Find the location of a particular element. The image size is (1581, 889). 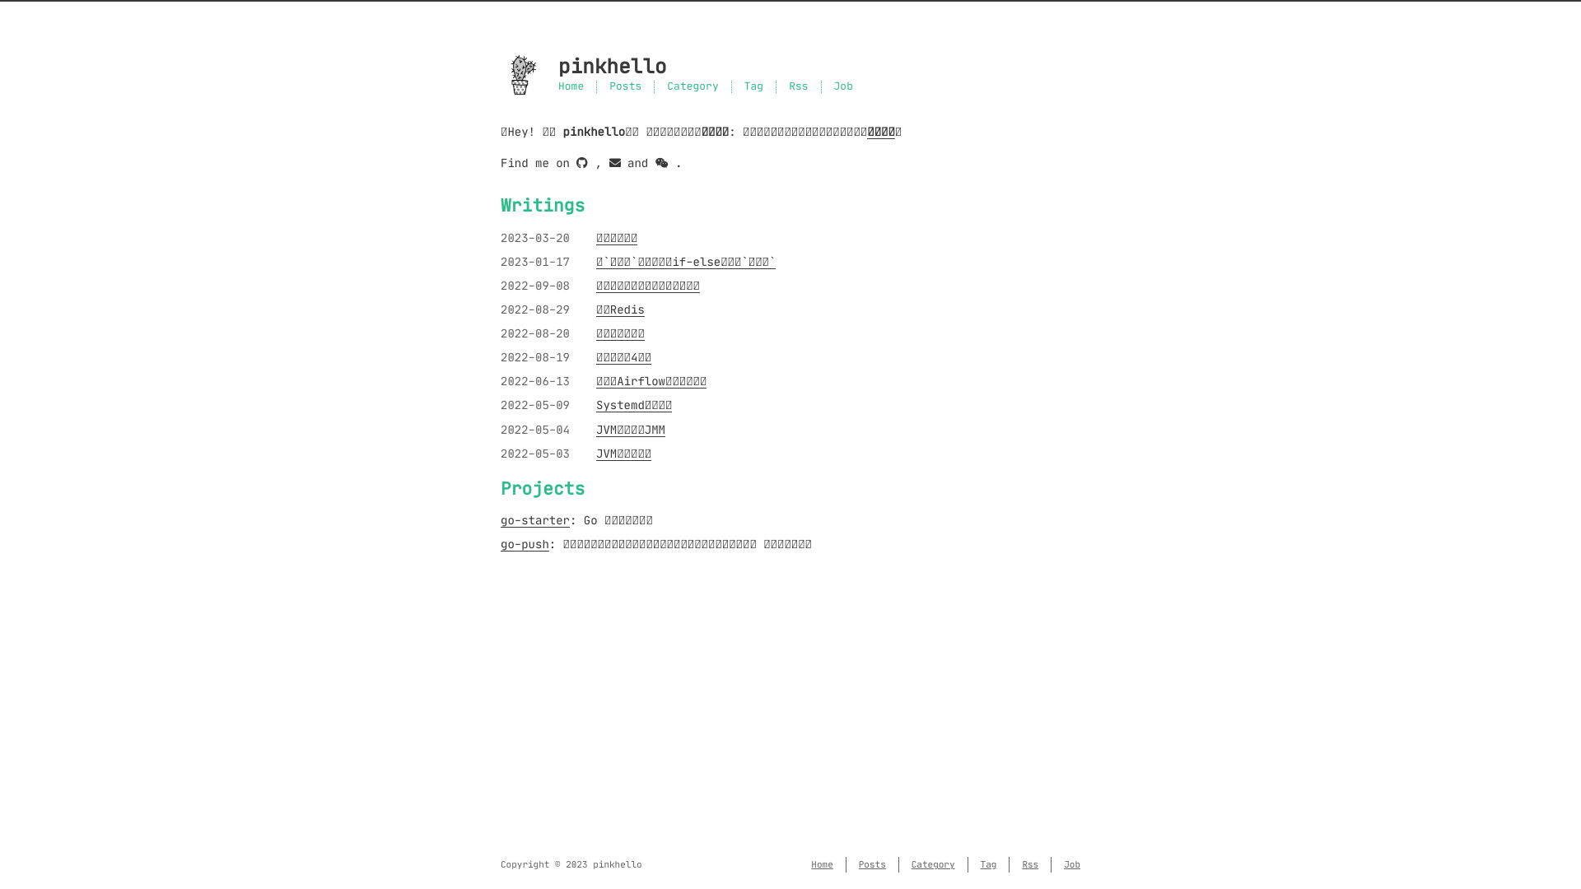

'Writings' is located at coordinates (542, 205).